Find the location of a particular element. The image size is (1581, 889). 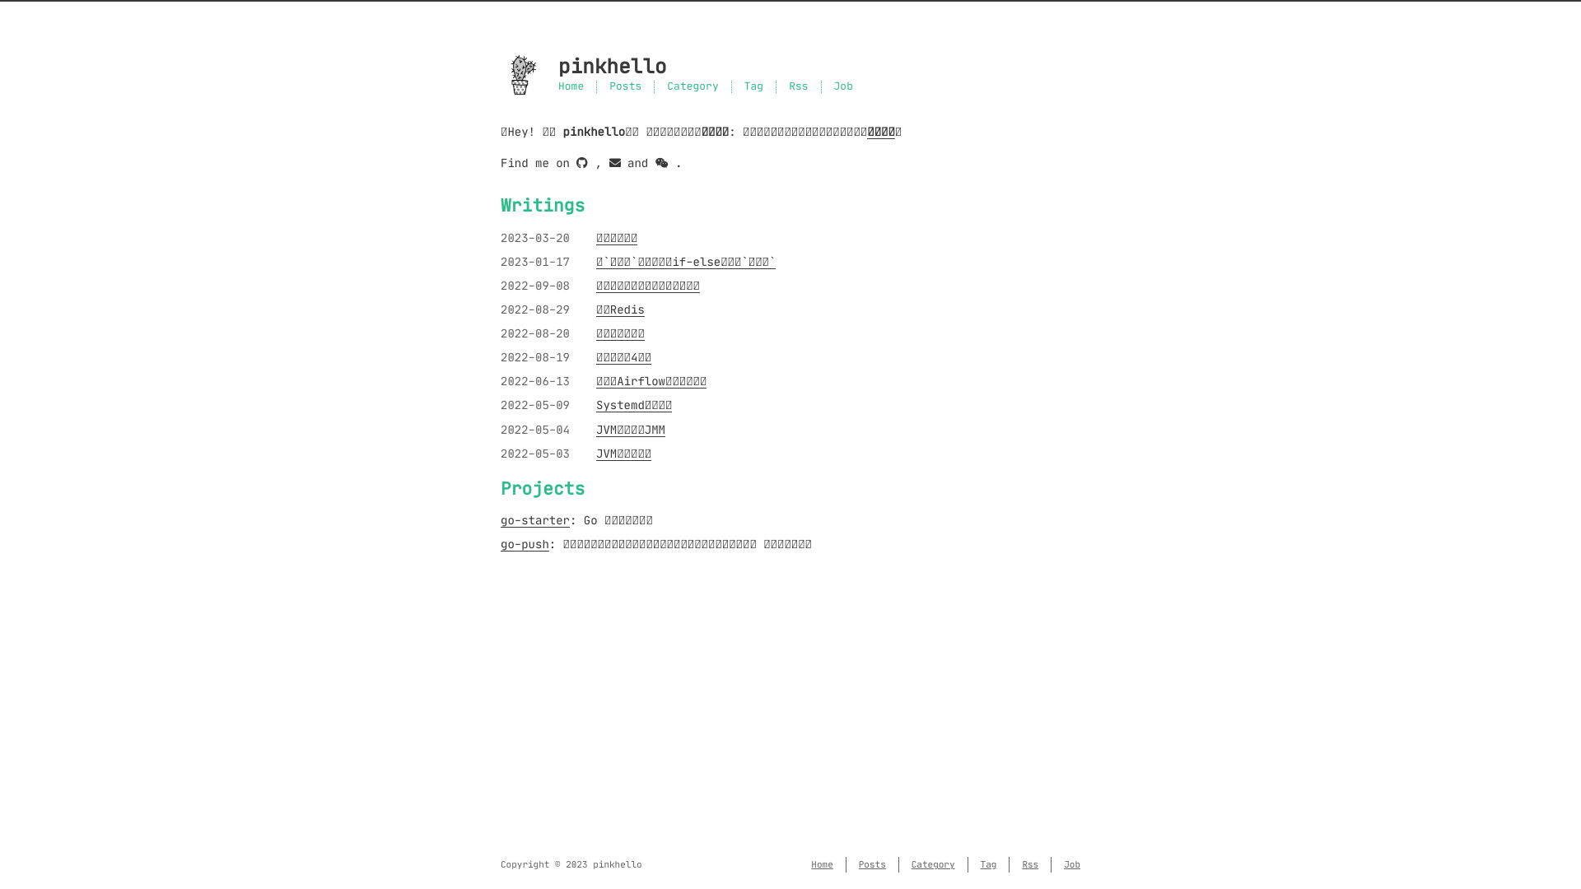

'Writings' is located at coordinates (542, 205).